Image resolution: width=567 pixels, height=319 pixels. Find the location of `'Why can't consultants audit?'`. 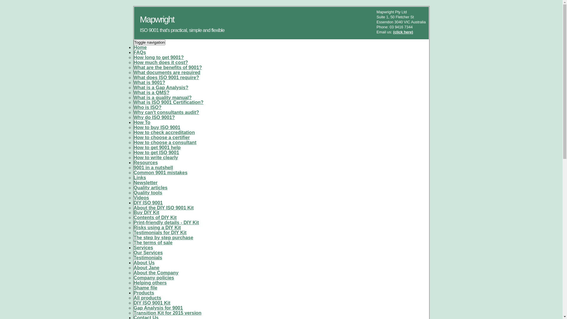

'Why can't consultants audit?' is located at coordinates (166, 112).